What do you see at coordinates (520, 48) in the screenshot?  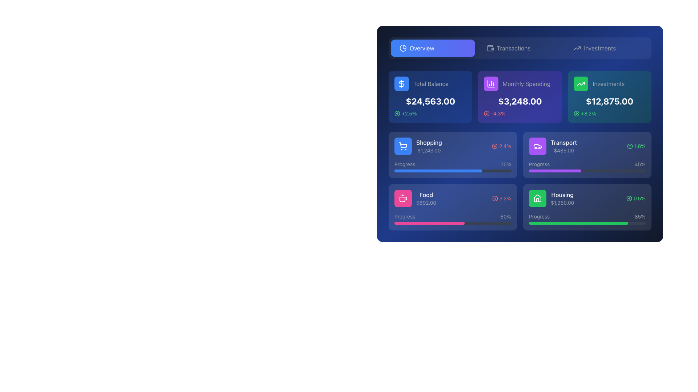 I see `the 'Transactions' button located` at bounding box center [520, 48].